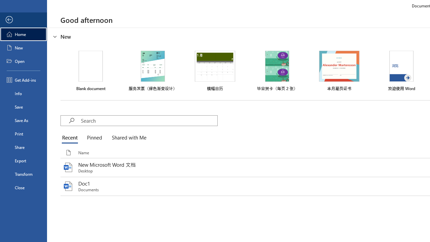 This screenshot has height=242, width=430. What do you see at coordinates (128, 138) in the screenshot?
I see `'Shared with Me'` at bounding box center [128, 138].